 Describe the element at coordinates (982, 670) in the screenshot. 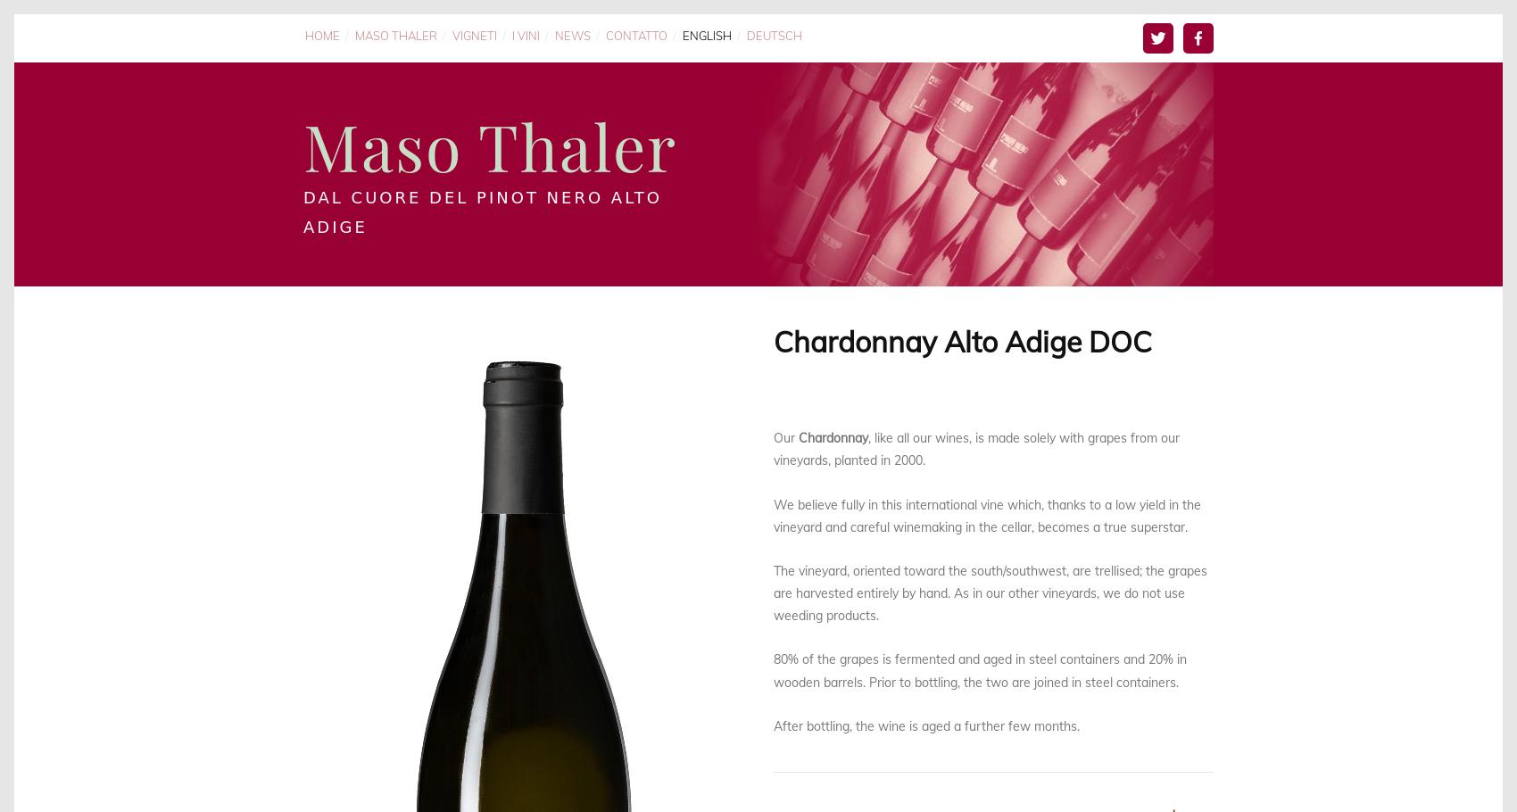

I see `'80% of the grapes is fermented and aged in steel containers and 20% in wooden barrels. Prior to bottling, the two are joined in steel containers.'` at that location.